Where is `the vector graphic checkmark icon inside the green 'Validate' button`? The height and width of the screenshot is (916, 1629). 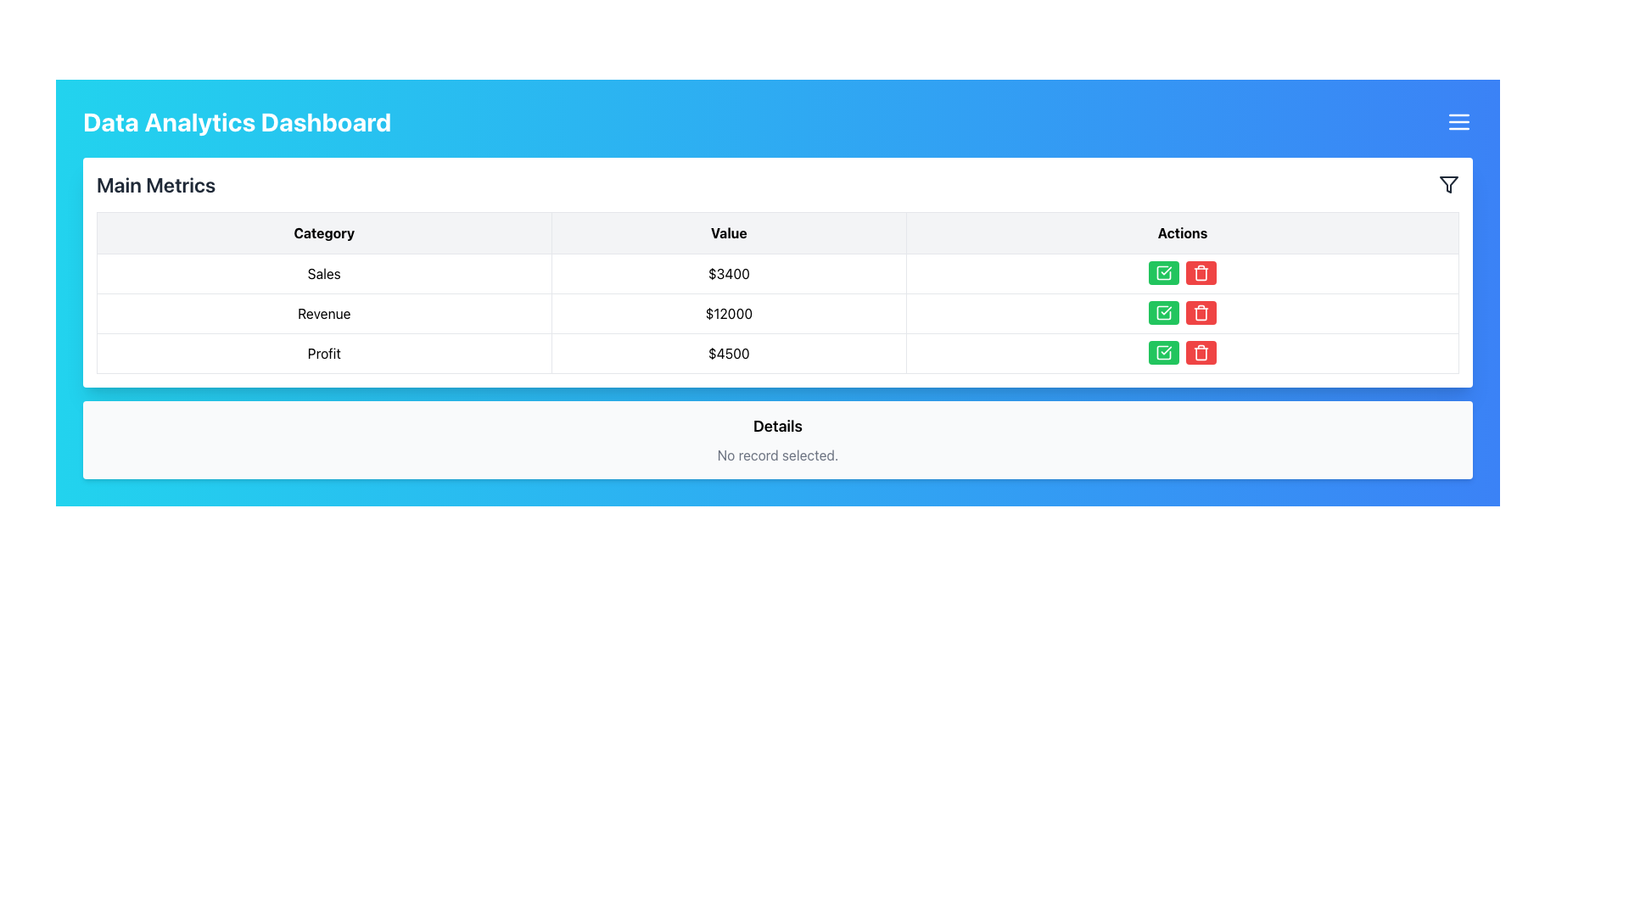 the vector graphic checkmark icon inside the green 'Validate' button is located at coordinates (1163, 313).